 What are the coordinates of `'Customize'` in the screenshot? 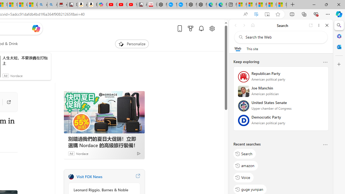 It's located at (339, 64).